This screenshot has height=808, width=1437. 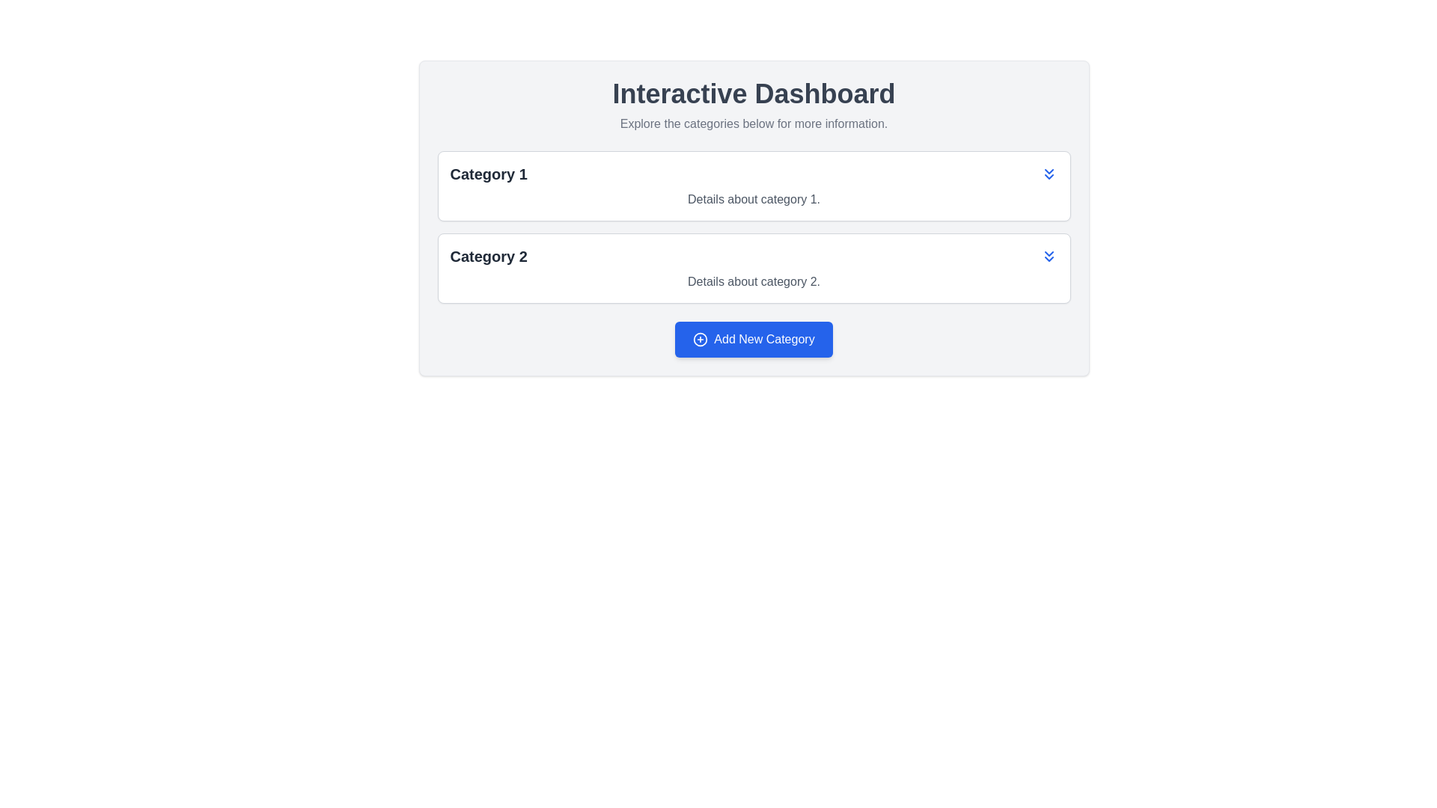 What do you see at coordinates (754, 218) in the screenshot?
I see `the interactive components within the central panel that displays categories and an action button for adding new content` at bounding box center [754, 218].